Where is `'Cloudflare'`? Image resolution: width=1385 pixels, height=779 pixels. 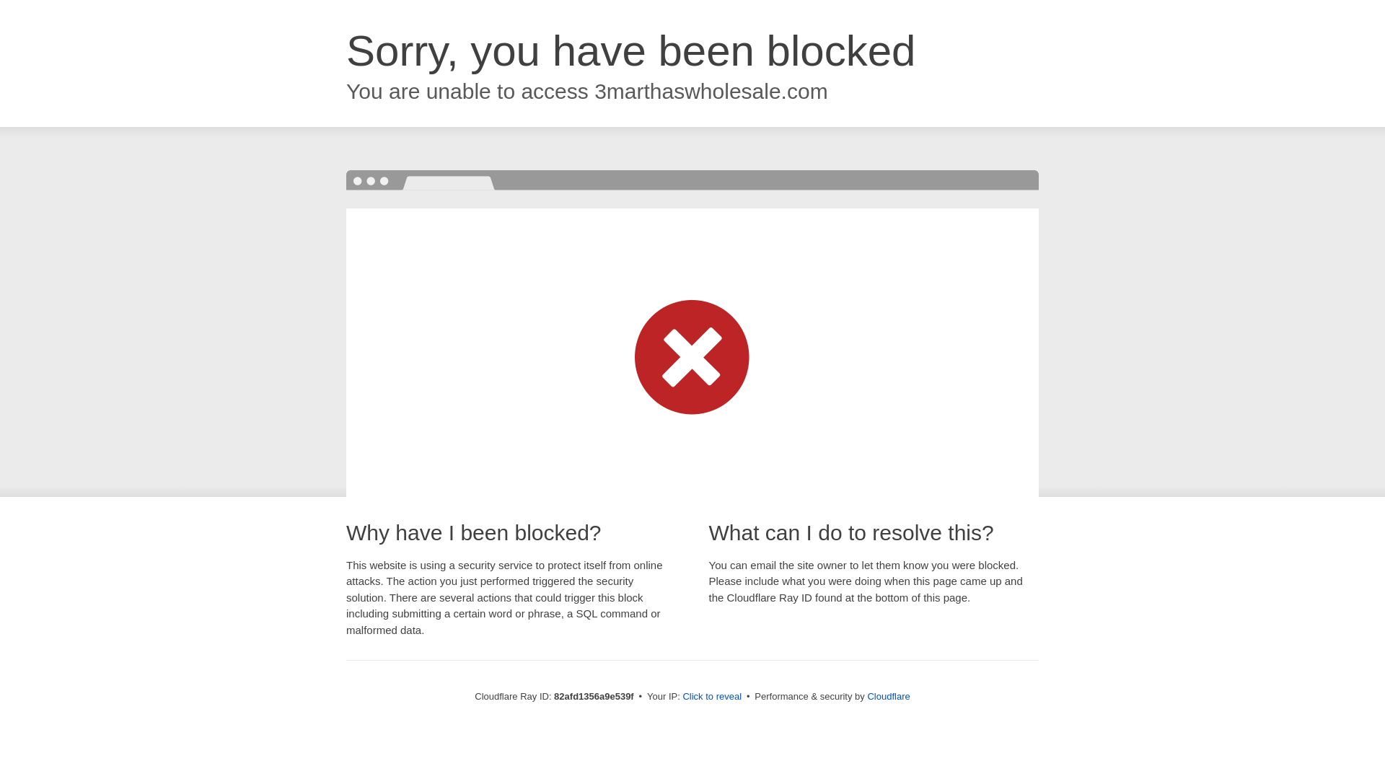
'Cloudflare' is located at coordinates (887, 695).